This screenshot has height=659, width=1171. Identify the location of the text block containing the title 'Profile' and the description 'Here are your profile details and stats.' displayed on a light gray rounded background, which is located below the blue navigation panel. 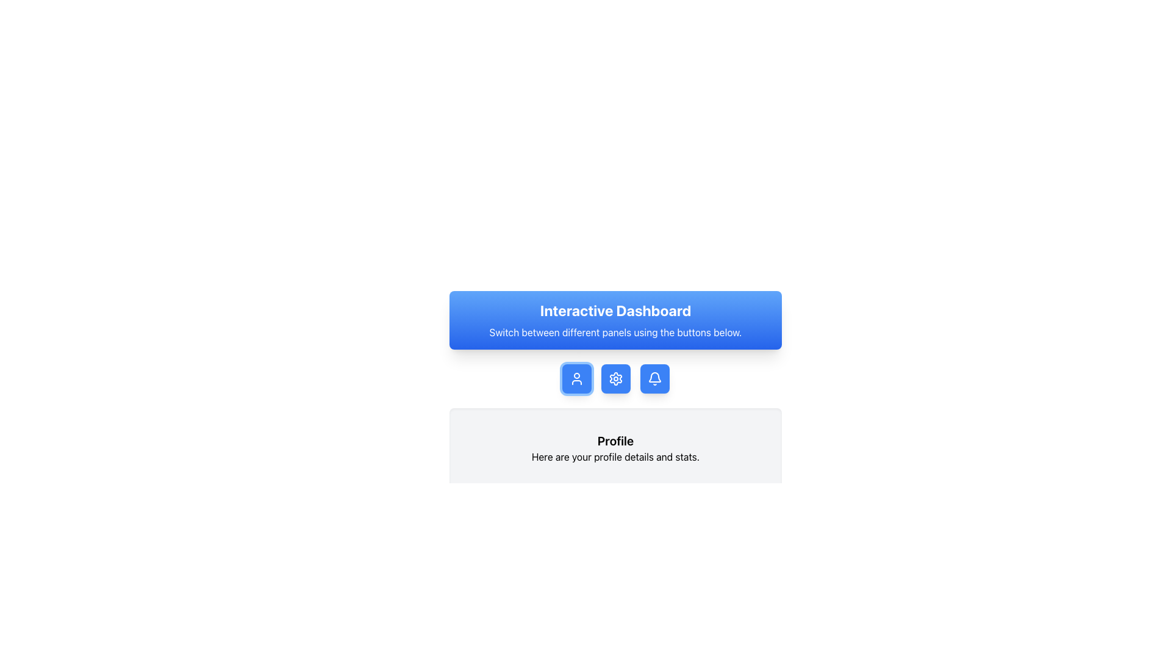
(615, 448).